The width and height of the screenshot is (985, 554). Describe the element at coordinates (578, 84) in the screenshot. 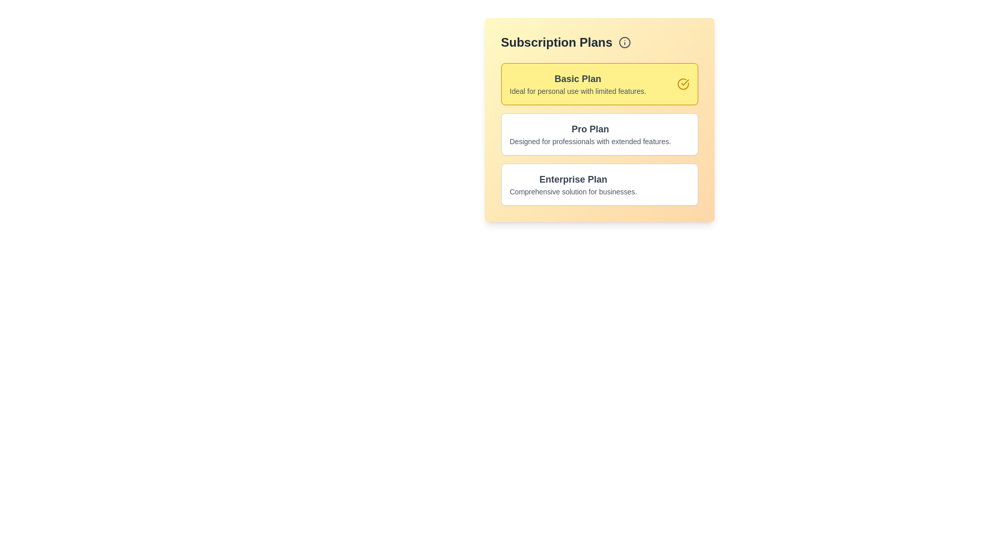

I see `the 'Basic Plan' text element which is the first option in the subscription plan list, displayed in bold with a yellow background` at that location.